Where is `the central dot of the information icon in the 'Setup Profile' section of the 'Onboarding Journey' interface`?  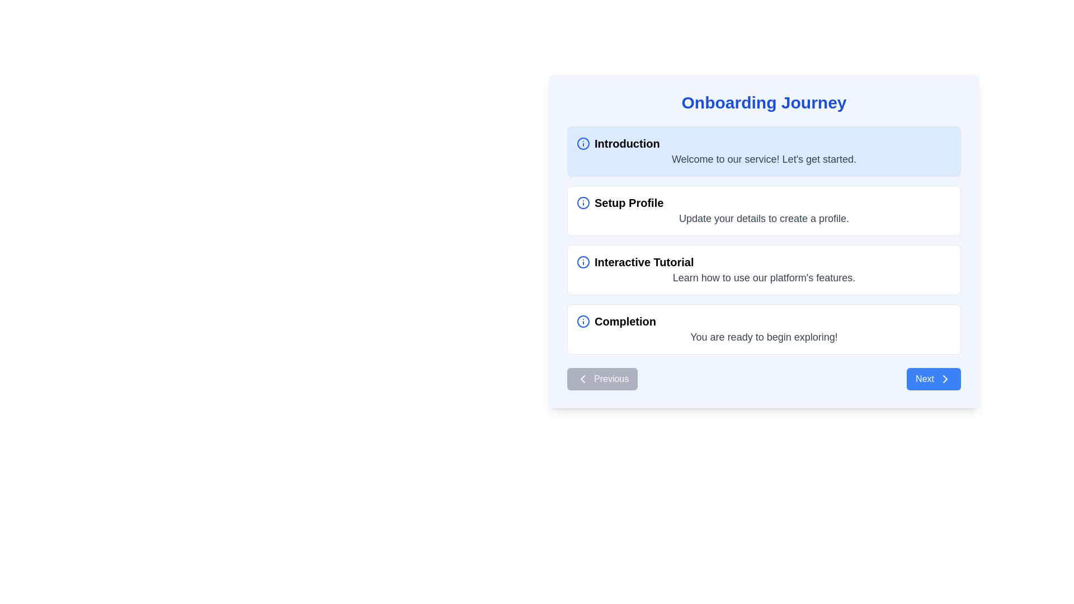
the central dot of the information icon in the 'Setup Profile' section of the 'Onboarding Journey' interface is located at coordinates (582, 202).